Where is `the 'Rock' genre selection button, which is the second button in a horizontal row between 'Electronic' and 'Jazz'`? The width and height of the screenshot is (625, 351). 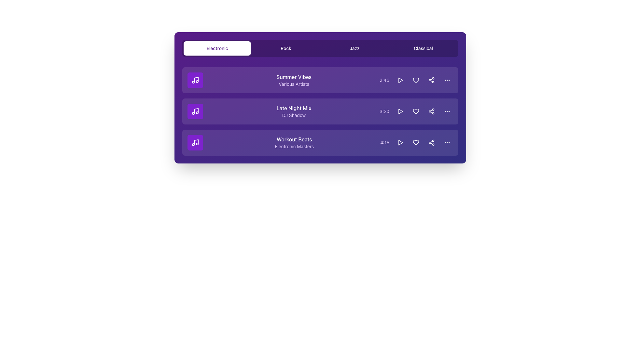
the 'Rock' genre selection button, which is the second button in a horizontal row between 'Electronic' and 'Jazz' is located at coordinates (286, 48).